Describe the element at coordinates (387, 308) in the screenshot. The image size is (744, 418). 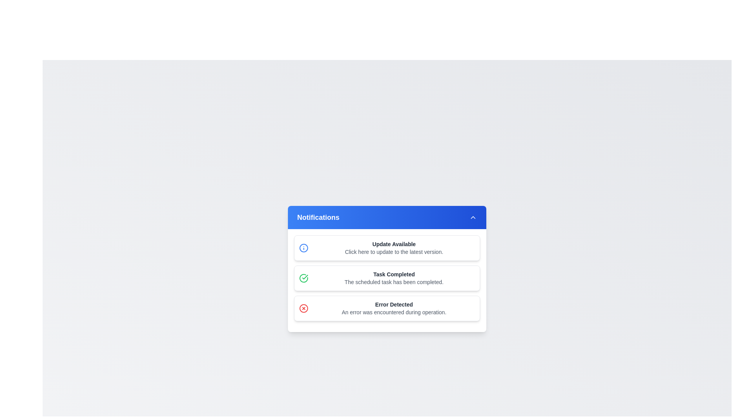
I see `the notification card titled 'Error Detected', which is the third item in the notification list, by clicking on it` at that location.